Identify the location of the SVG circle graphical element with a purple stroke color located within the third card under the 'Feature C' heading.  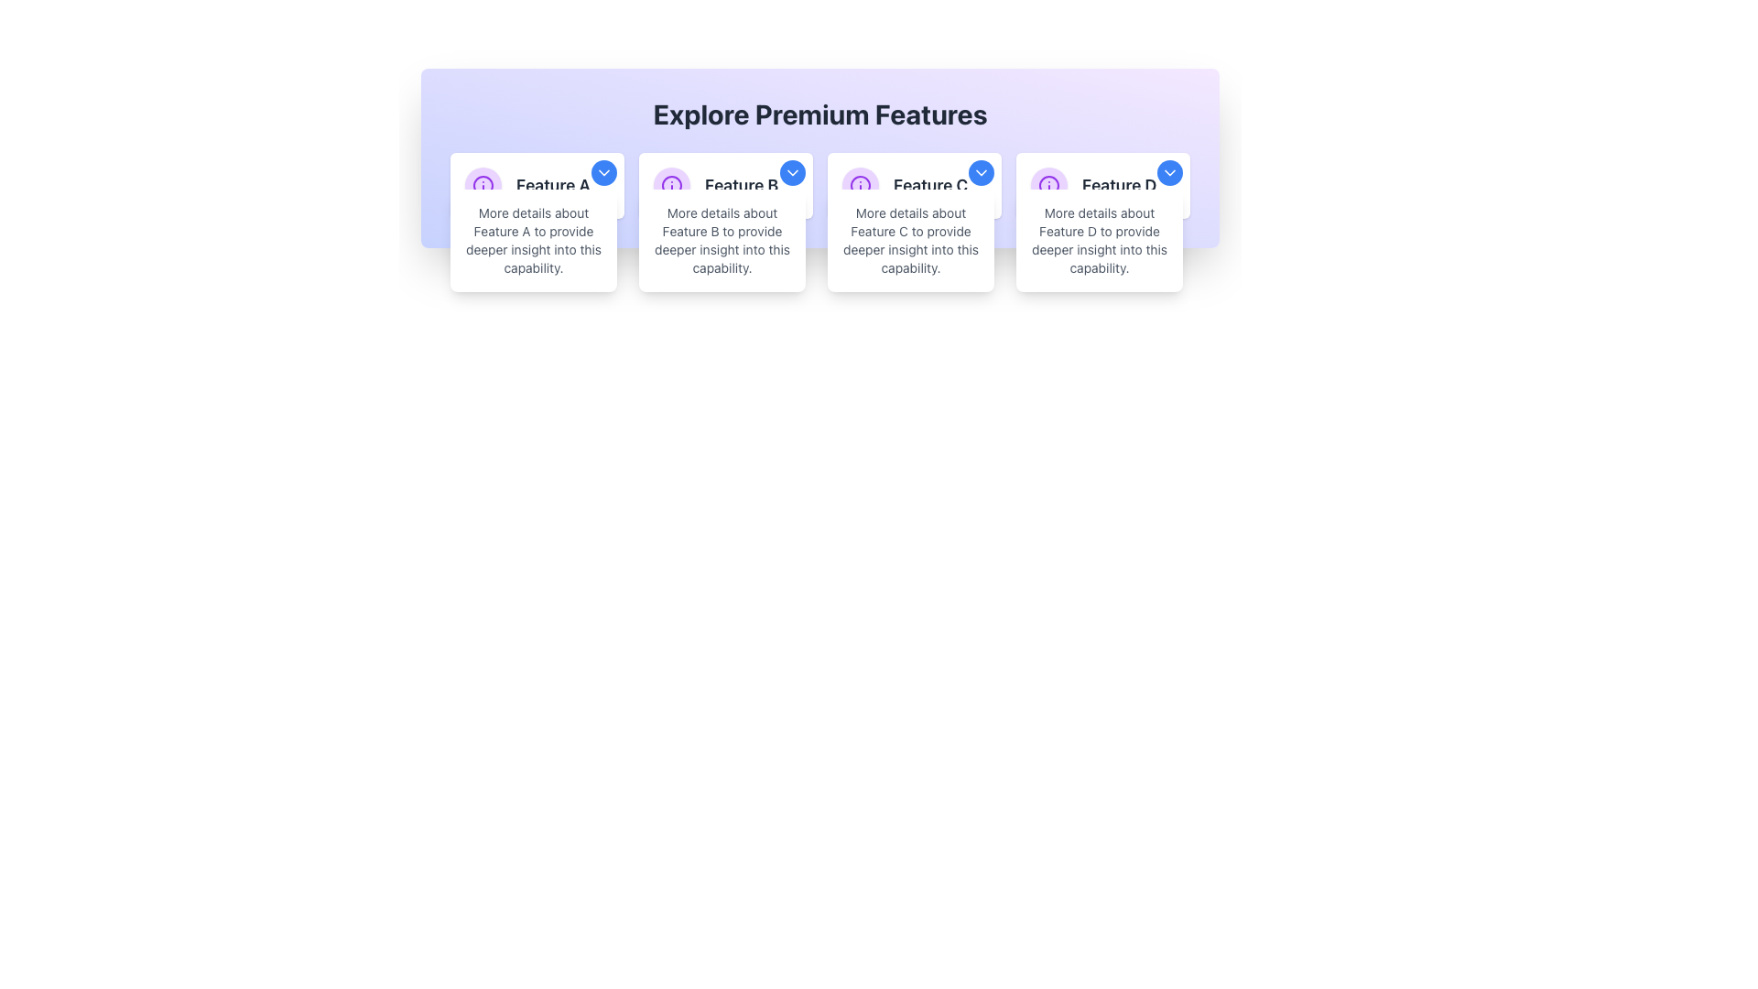
(860, 186).